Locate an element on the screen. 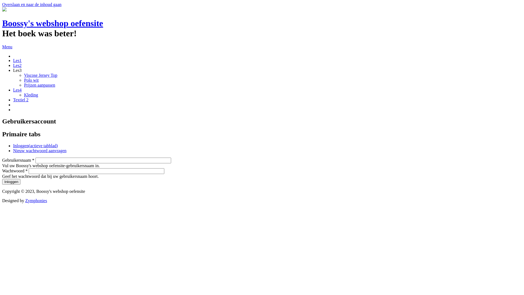 The height and width of the screenshot is (295, 524). 'Prijzen aanpassen' is located at coordinates (39, 85).